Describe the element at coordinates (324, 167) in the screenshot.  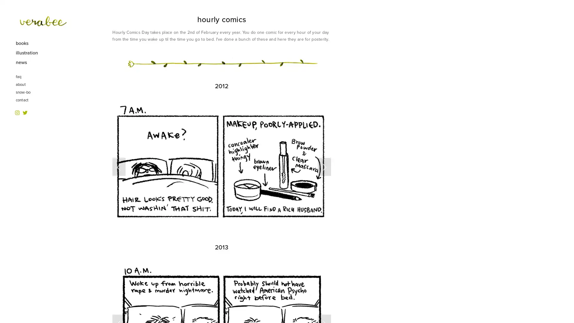
I see `Next Slide` at that location.